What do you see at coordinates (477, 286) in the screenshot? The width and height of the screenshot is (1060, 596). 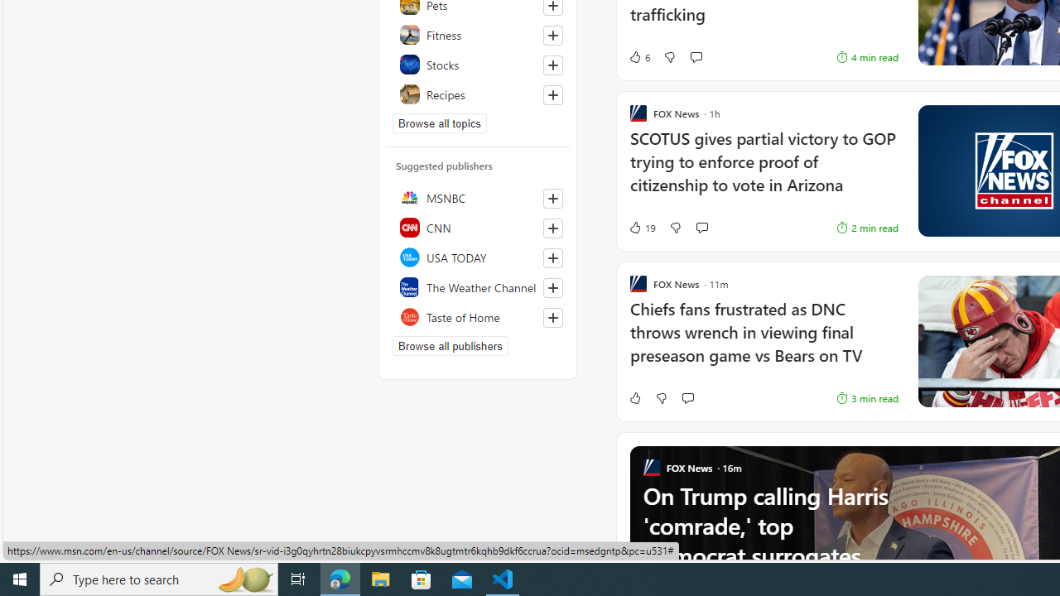 I see `'The Weather Channel'` at bounding box center [477, 286].